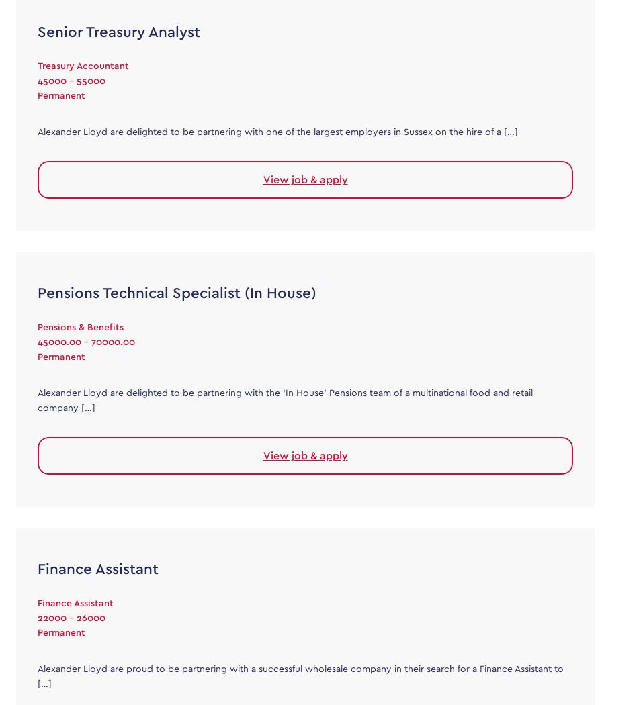 Image resolution: width=643 pixels, height=705 pixels. I want to click on '22000 - 26000', so click(36, 618).